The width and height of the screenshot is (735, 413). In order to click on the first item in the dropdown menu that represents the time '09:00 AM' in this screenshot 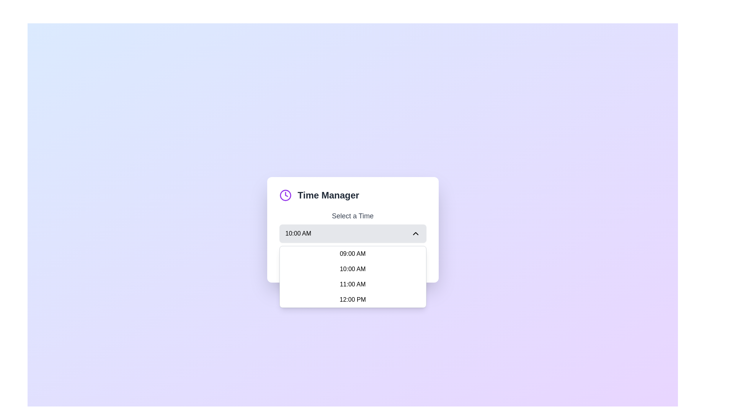, I will do `click(352, 254)`.